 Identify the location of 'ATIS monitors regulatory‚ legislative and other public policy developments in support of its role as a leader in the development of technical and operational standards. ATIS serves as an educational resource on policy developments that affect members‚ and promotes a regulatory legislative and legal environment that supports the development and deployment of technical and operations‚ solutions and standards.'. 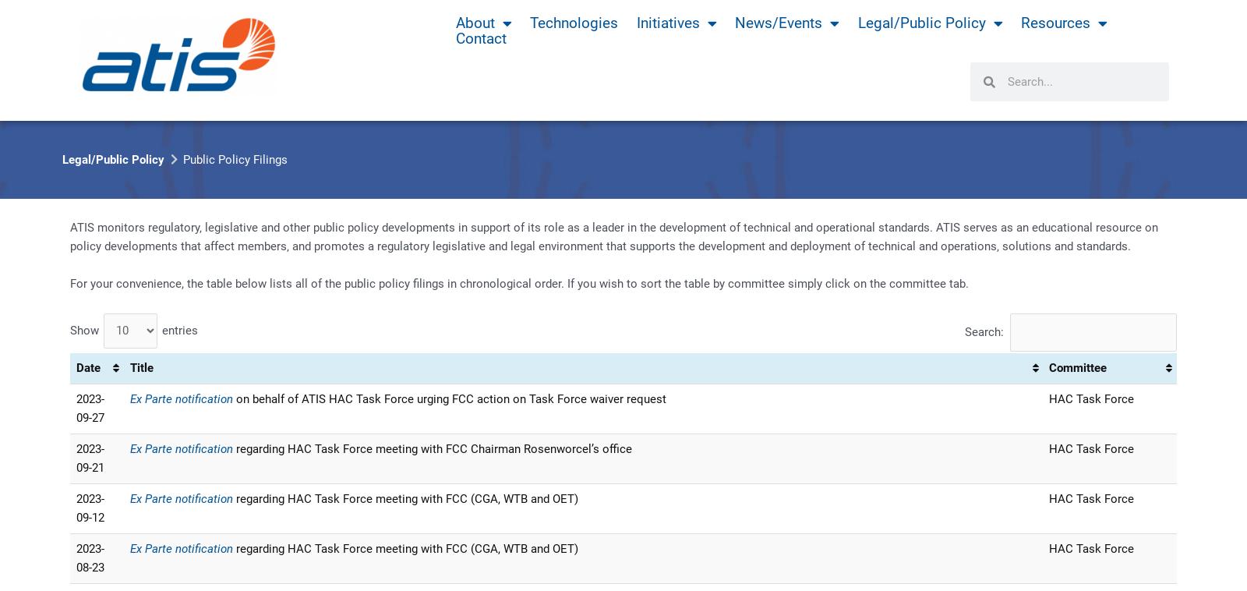
(614, 237).